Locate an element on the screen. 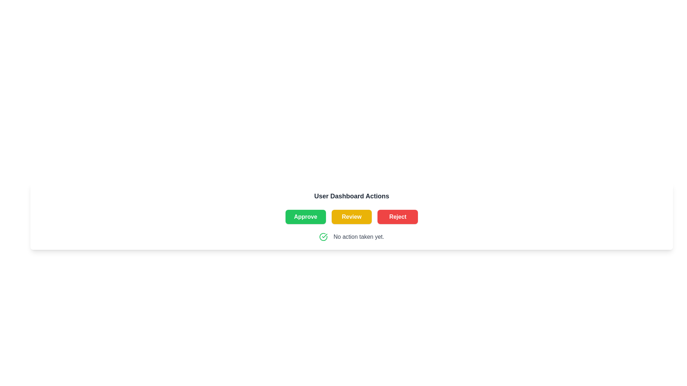 This screenshot has height=386, width=687. the text label displaying 'User Dashboard Actions' which is styled in bold and larger font, located at the top of the section containing action buttons and additional informational text is located at coordinates (352, 196).